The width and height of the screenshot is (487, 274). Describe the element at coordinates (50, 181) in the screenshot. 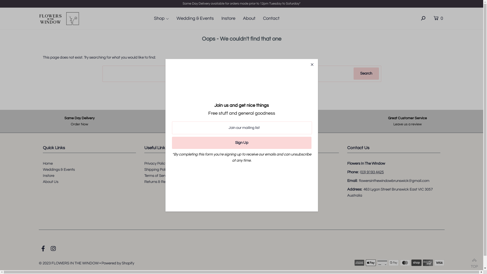

I see `'About Us'` at that location.